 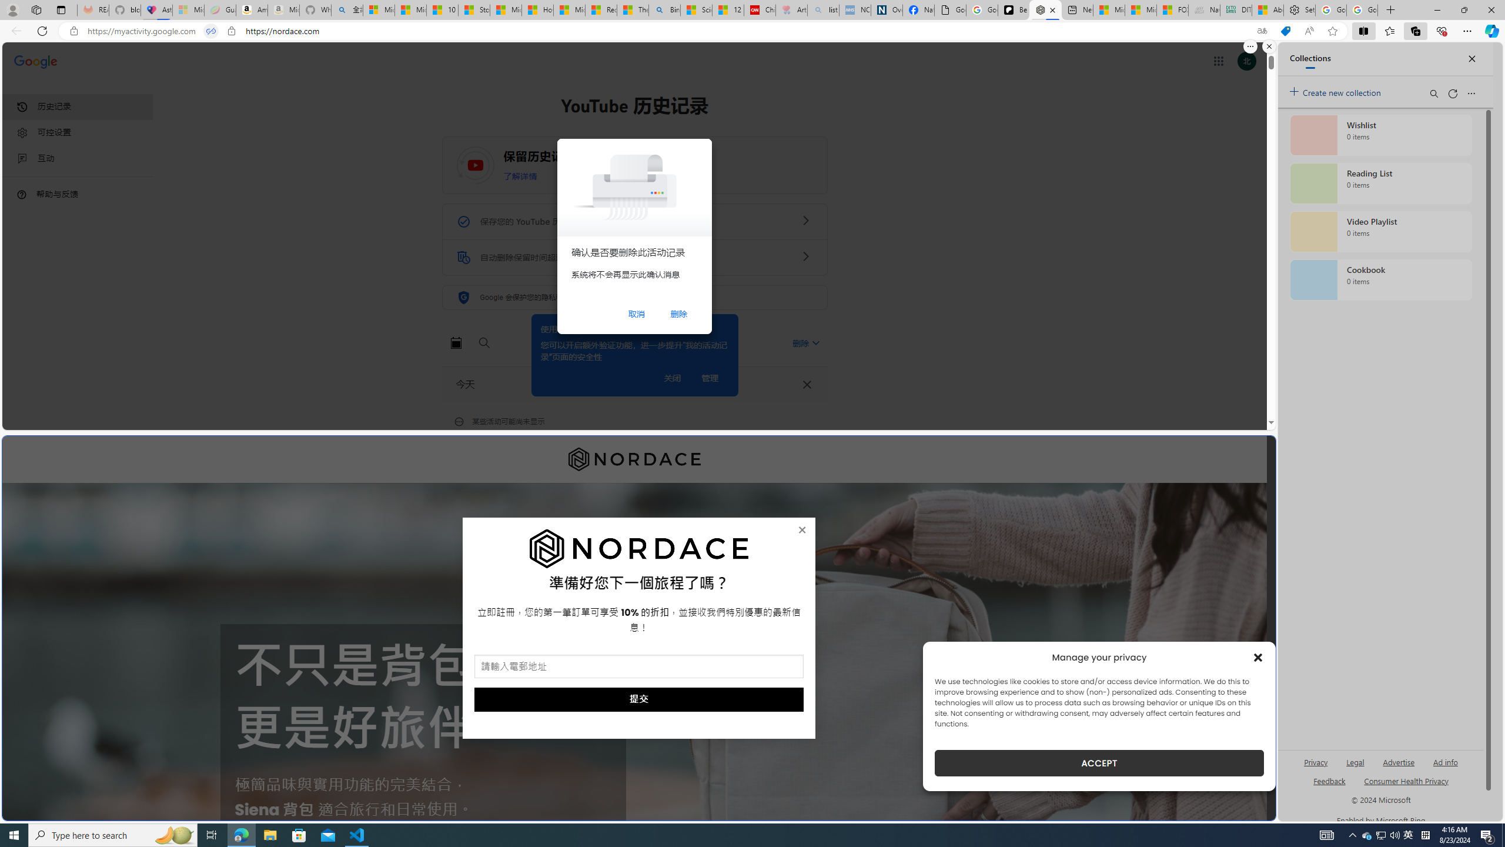 I want to click on 'Arthritis: Ask Health Professionals - Sleeping', so click(x=791, y=9).